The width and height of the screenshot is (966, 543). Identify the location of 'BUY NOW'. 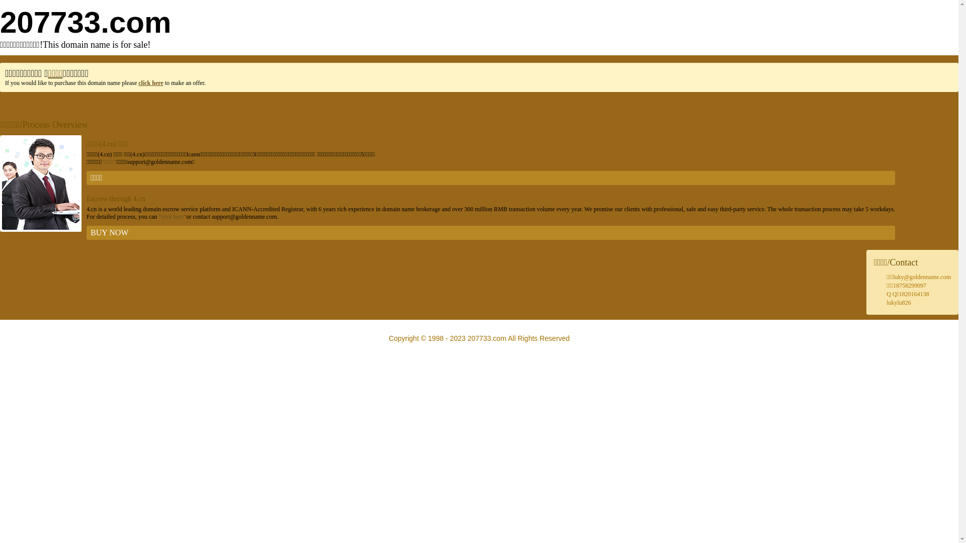
(87, 232).